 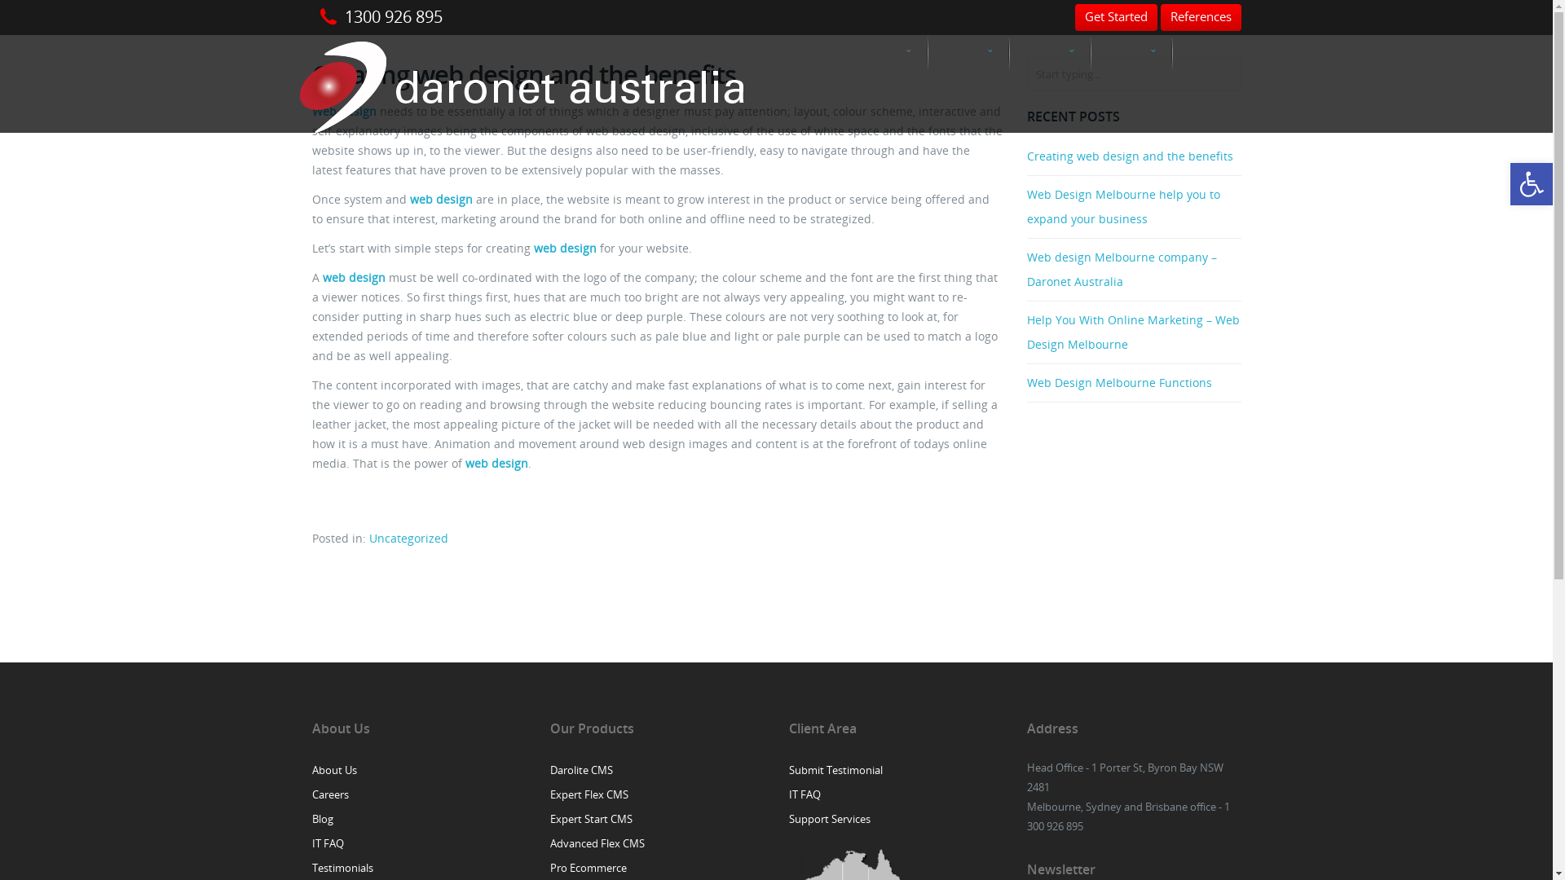 What do you see at coordinates (829, 819) in the screenshot?
I see `'Support Services'` at bounding box center [829, 819].